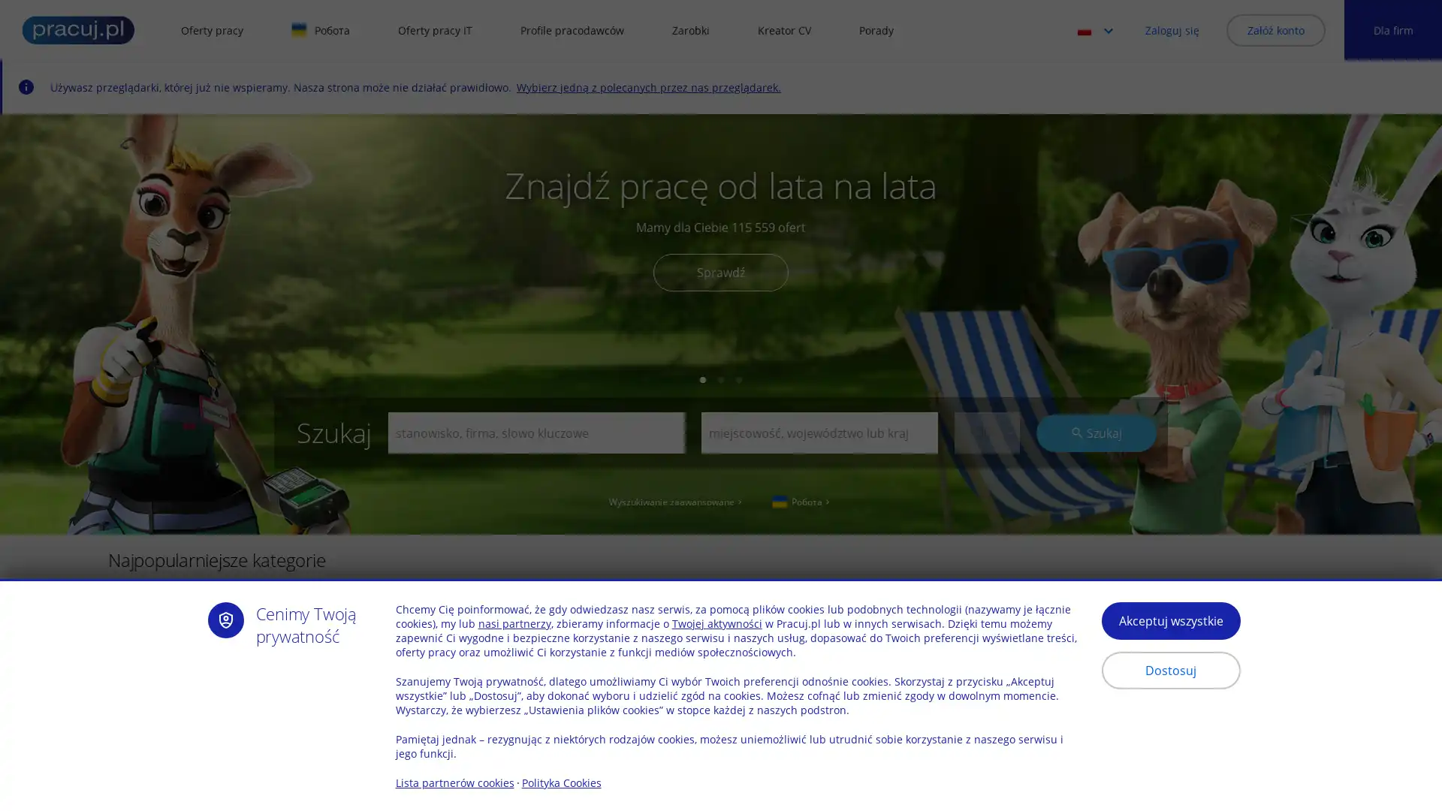 The image size is (1442, 811). I want to click on + 20 km, so click(986, 555).